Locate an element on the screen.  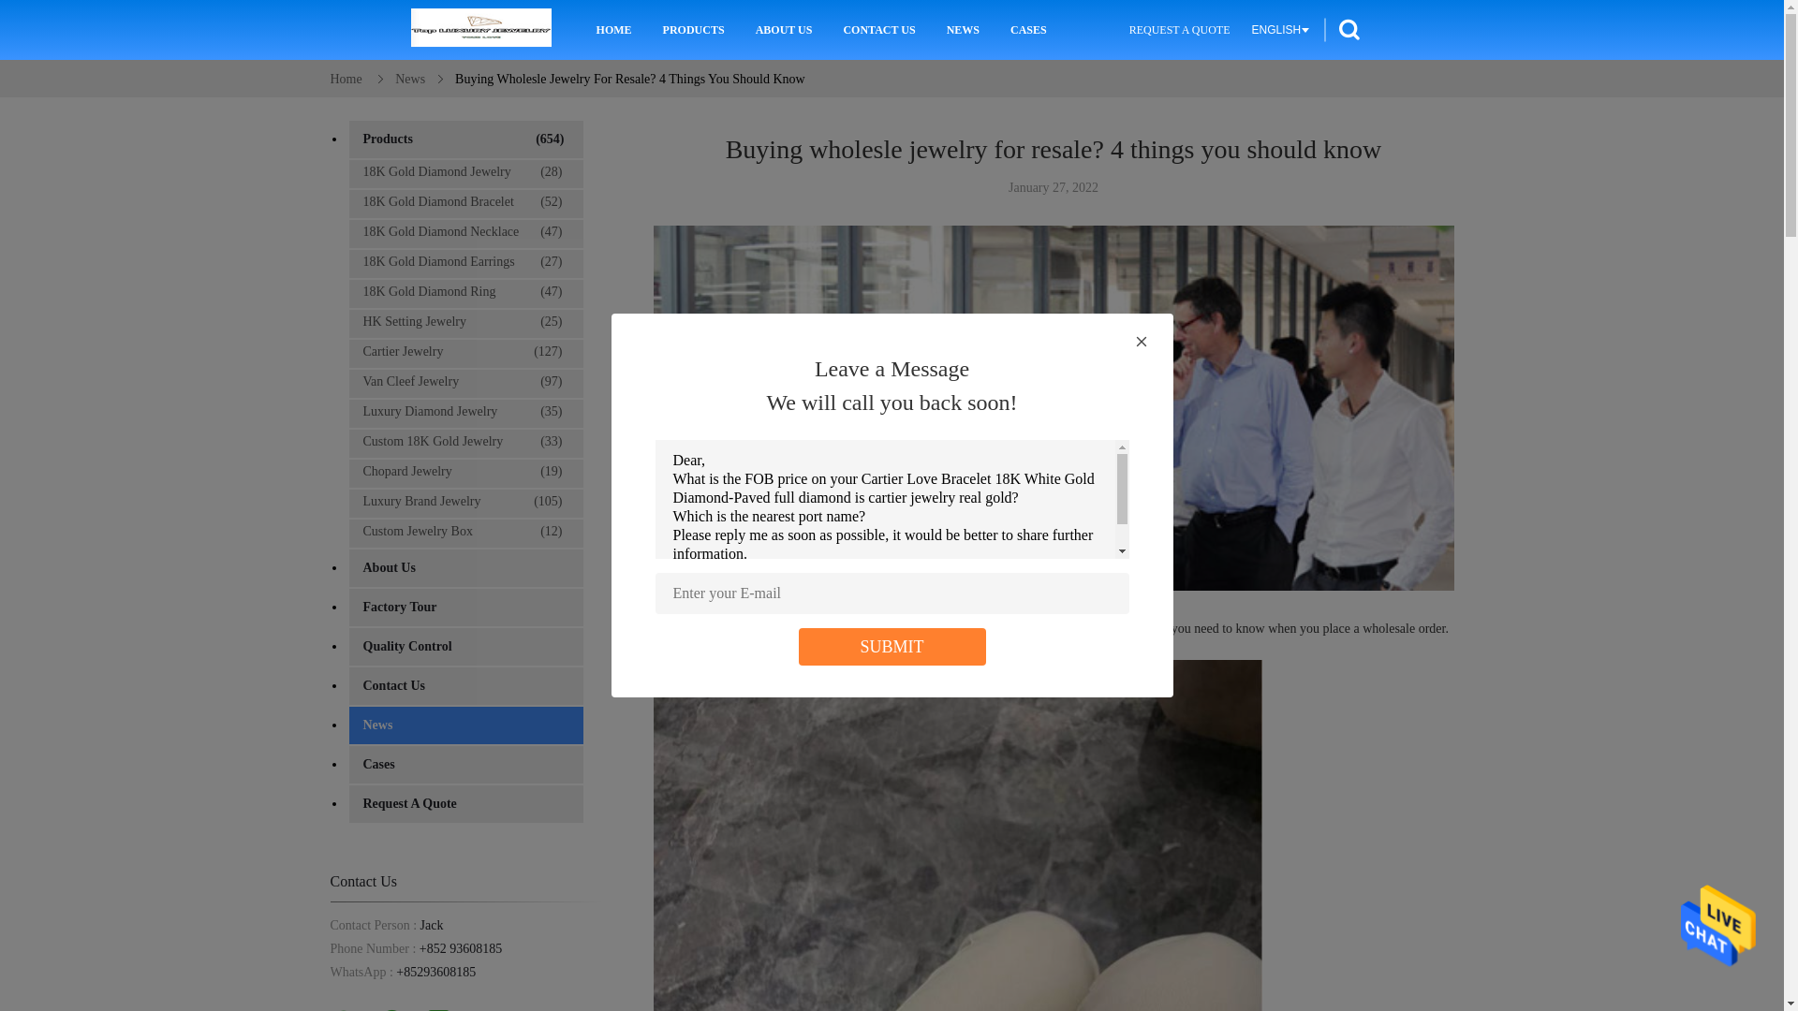
'About Us' is located at coordinates (465, 566).